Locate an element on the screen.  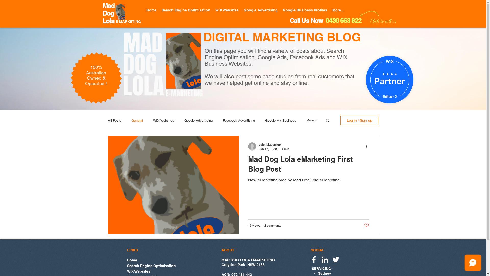
'2 comments' is located at coordinates (273, 225).